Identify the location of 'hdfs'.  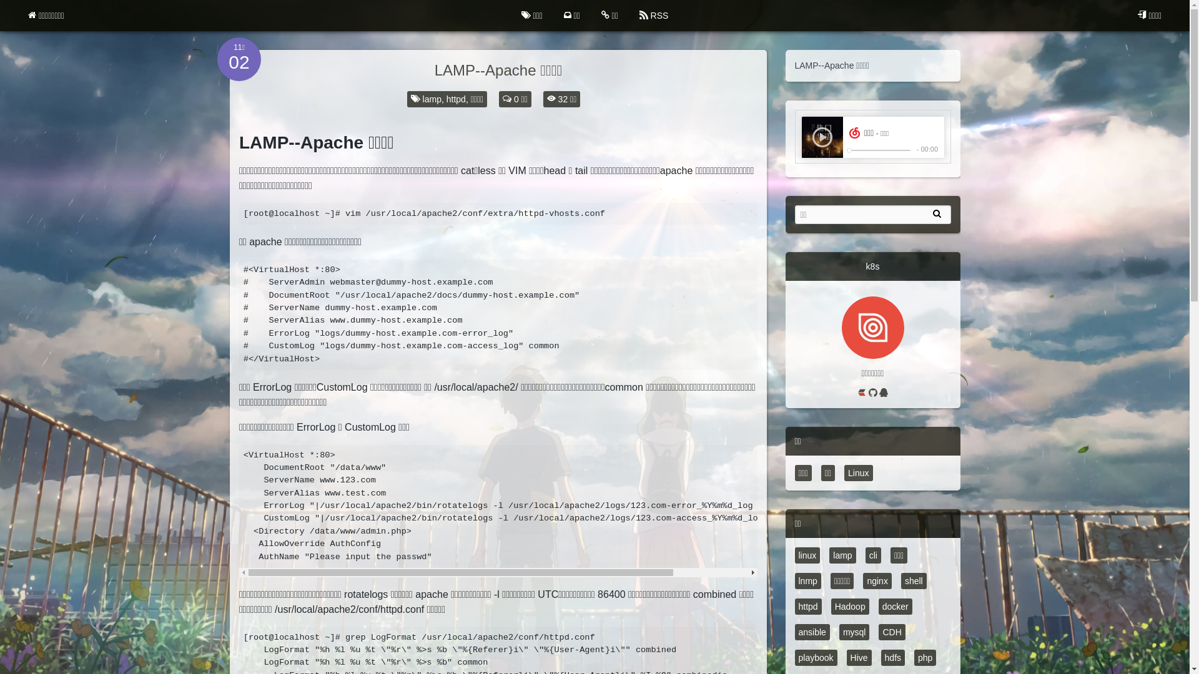
(892, 657).